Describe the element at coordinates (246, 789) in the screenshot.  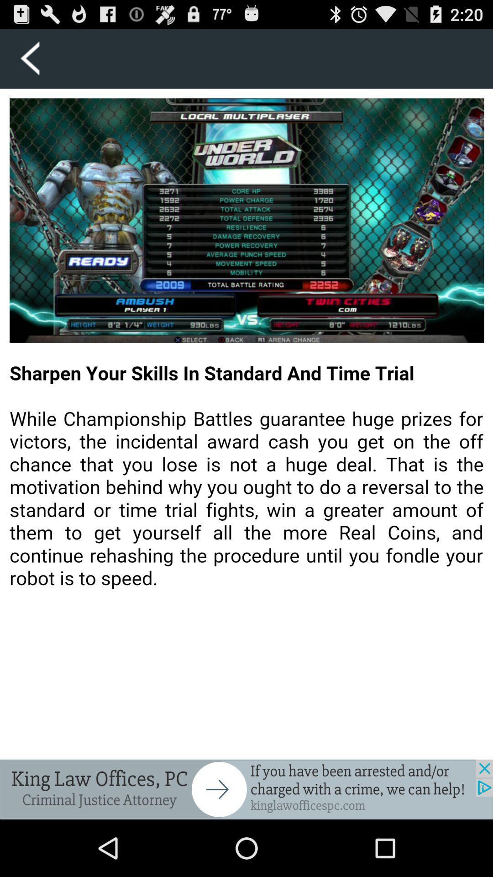
I see `back` at that location.